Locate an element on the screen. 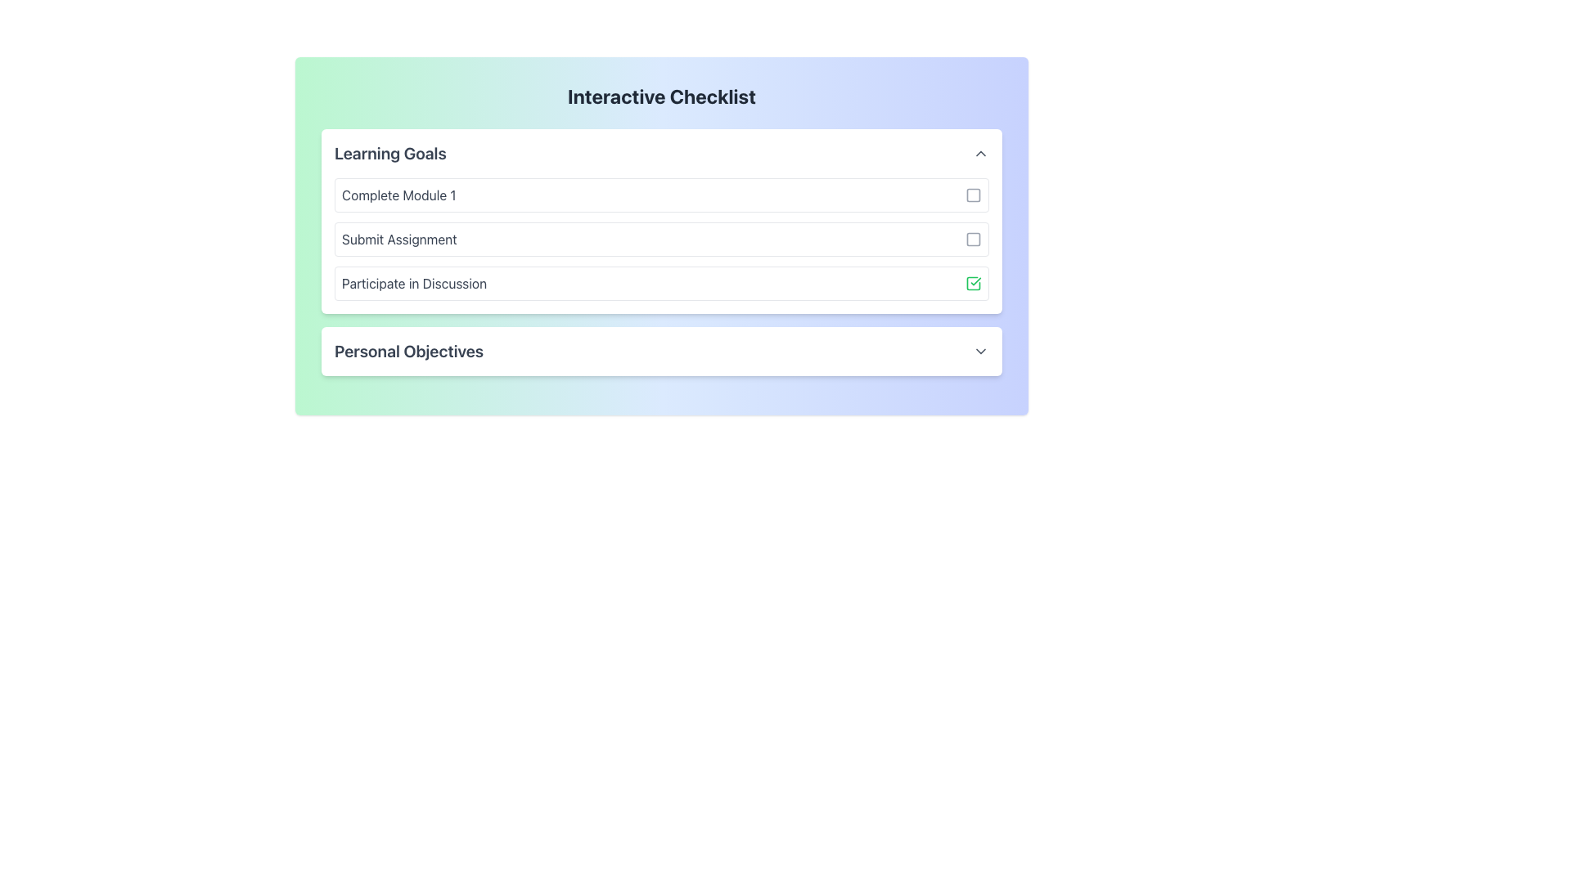 This screenshot has width=1571, height=883. the second checkbox indicator icon next to the 'Submit Assignment' item in the 'Learning Goals' section is located at coordinates (974, 240).